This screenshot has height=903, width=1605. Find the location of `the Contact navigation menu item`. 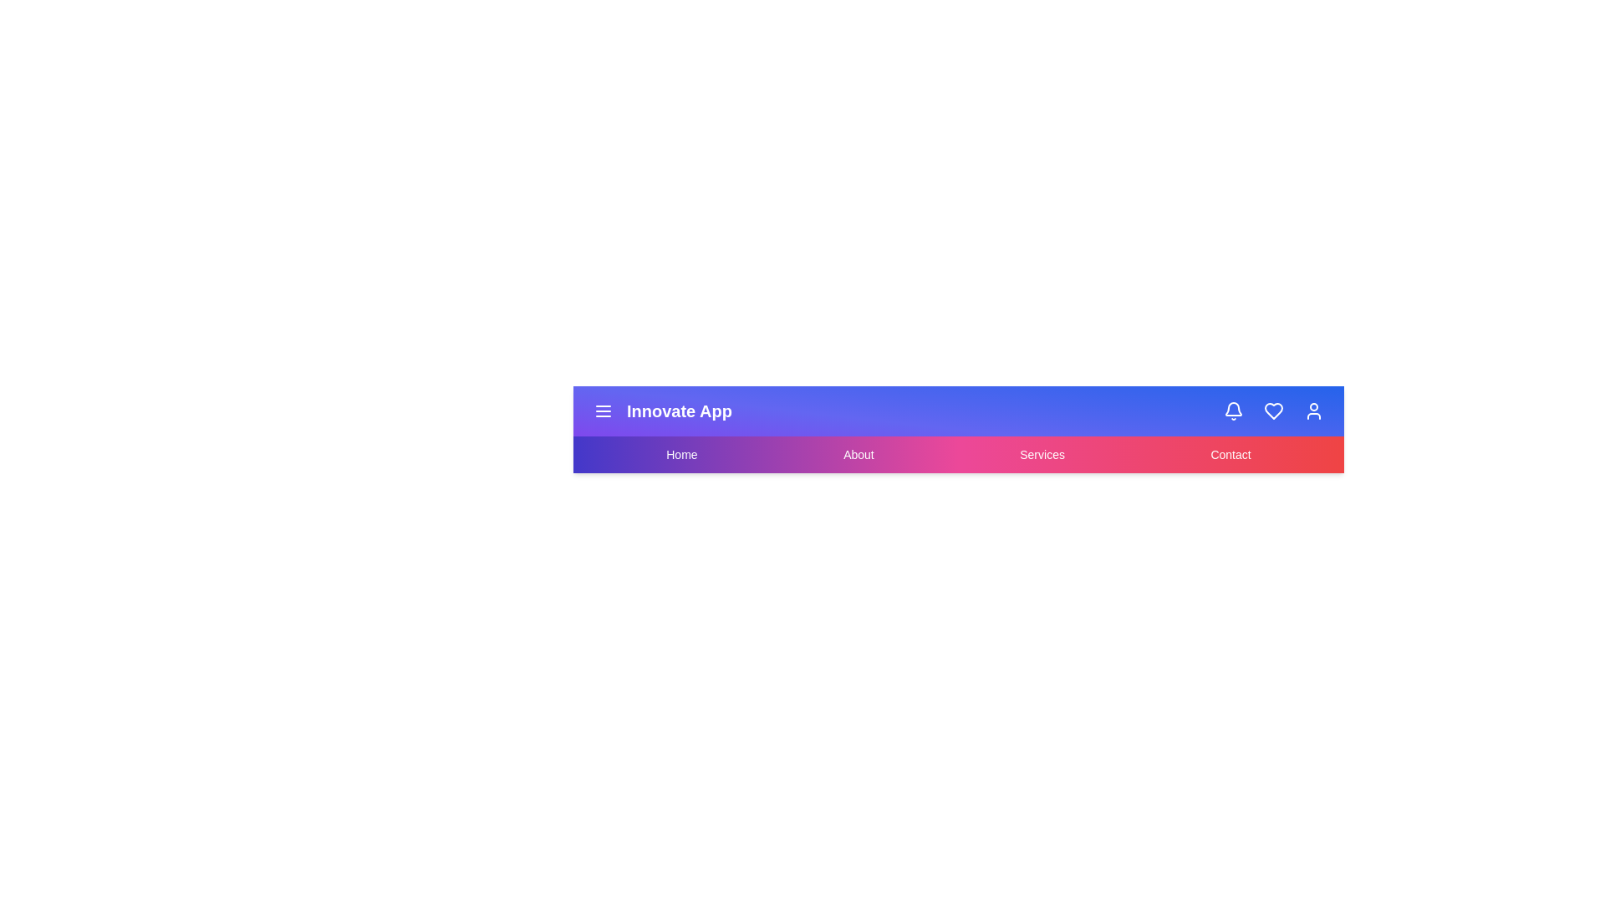

the Contact navigation menu item is located at coordinates (1230, 454).